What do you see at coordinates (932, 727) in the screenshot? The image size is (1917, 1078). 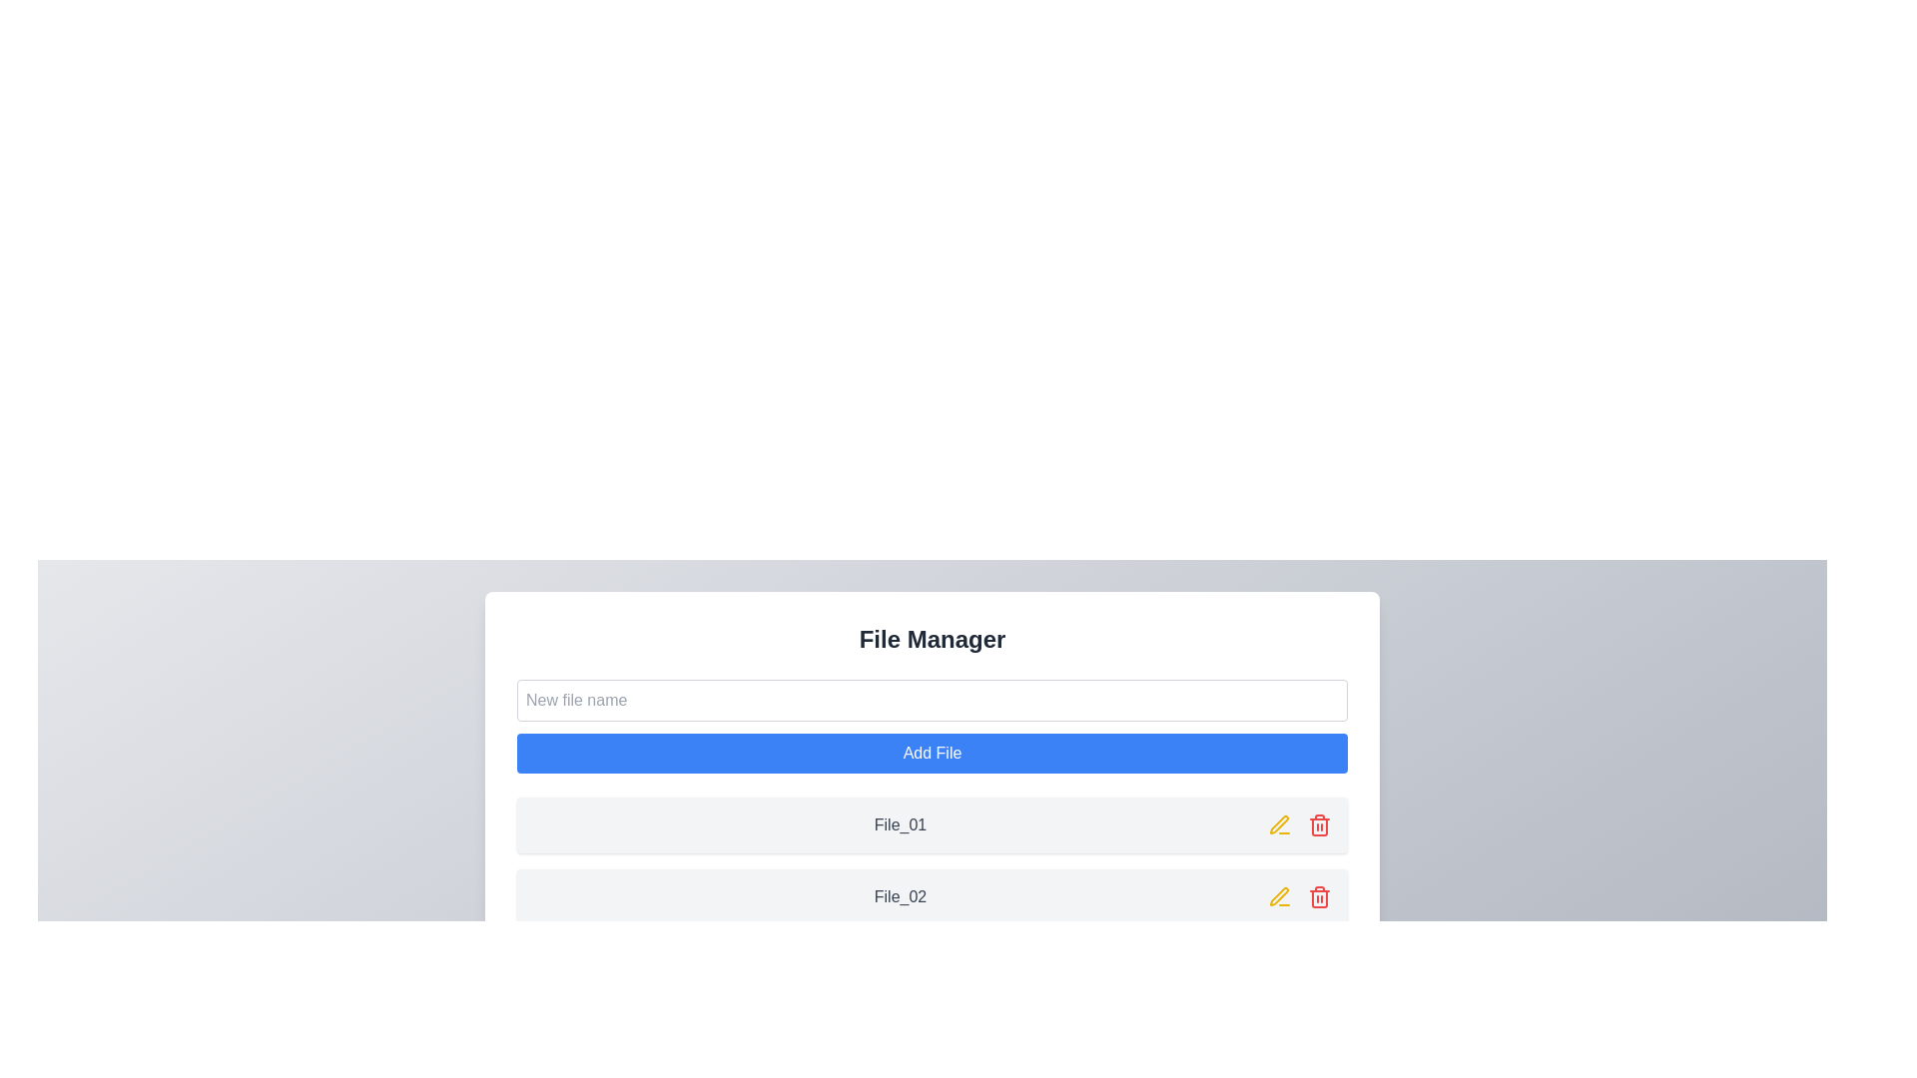 I see `the 'Add File' button located below the 'New file name' text input field in the 'File Manager' dialog` at bounding box center [932, 727].